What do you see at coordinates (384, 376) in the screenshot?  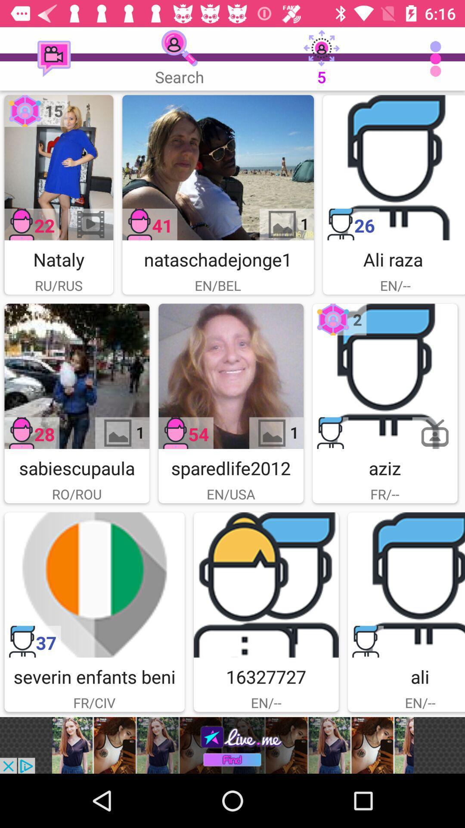 I see `davertisement` at bounding box center [384, 376].